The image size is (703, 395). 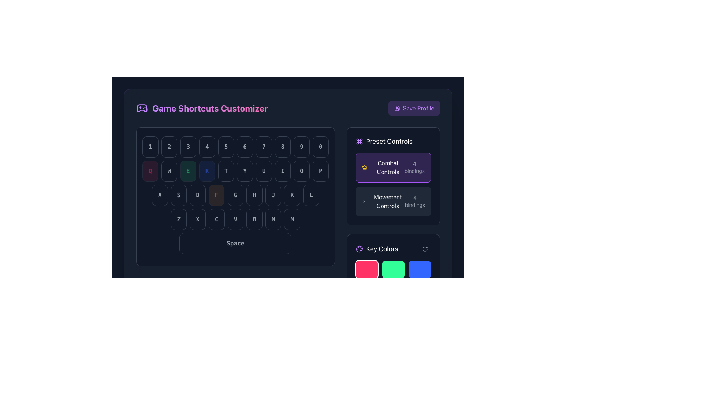 What do you see at coordinates (320, 171) in the screenshot?
I see `the rectangular button with rounded corners that has a dark blue background and the letter 'P' in light gray text, positioned at the top-right side of the virtual keyboard` at bounding box center [320, 171].